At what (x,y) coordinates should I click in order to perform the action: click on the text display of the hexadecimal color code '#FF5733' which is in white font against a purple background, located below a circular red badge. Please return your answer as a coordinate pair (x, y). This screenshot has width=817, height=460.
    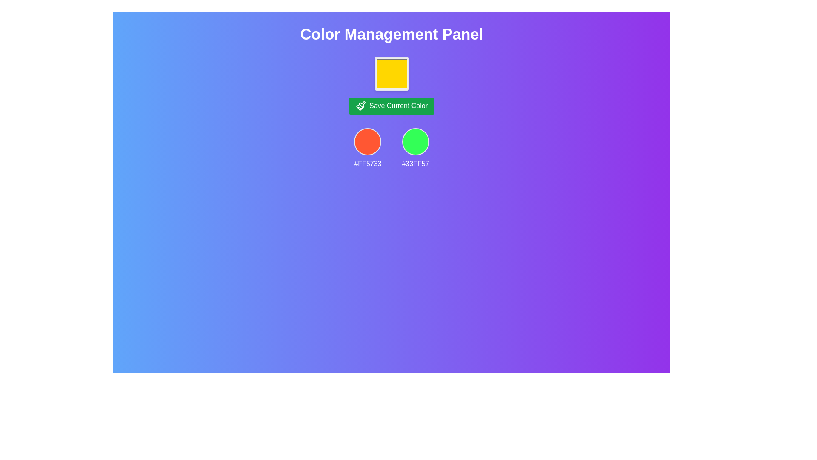
    Looking at the image, I should click on (368, 164).